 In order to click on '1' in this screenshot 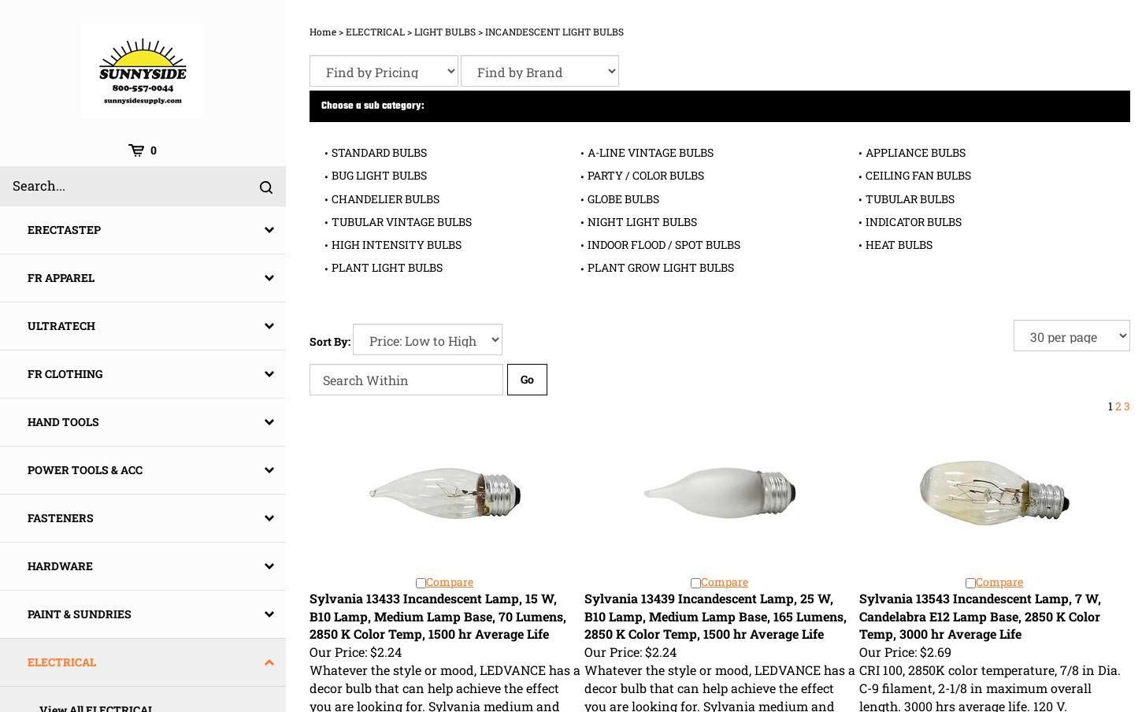, I will do `click(1110, 405)`.